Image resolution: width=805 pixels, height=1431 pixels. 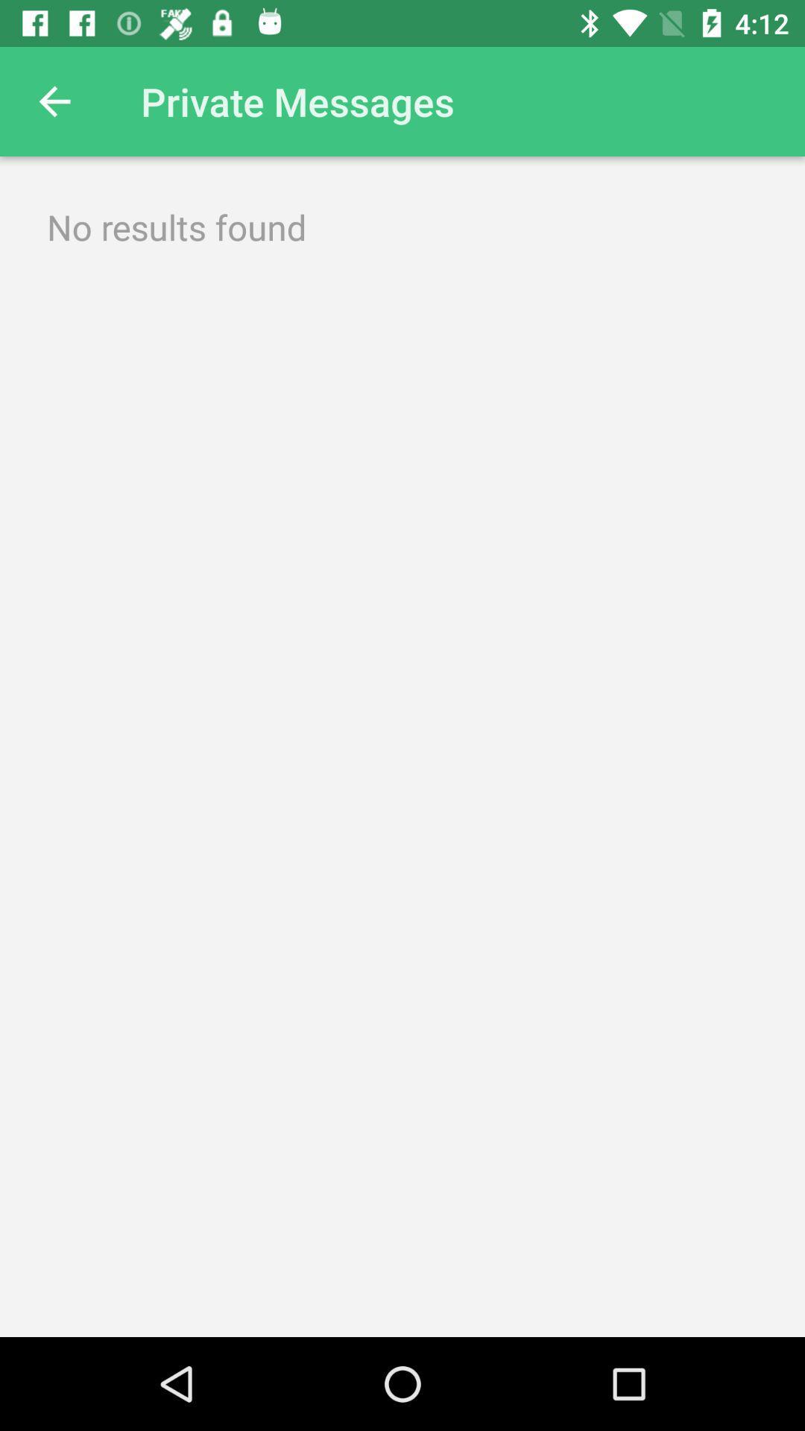 What do you see at coordinates (54, 101) in the screenshot?
I see `the item next to the private messages` at bounding box center [54, 101].